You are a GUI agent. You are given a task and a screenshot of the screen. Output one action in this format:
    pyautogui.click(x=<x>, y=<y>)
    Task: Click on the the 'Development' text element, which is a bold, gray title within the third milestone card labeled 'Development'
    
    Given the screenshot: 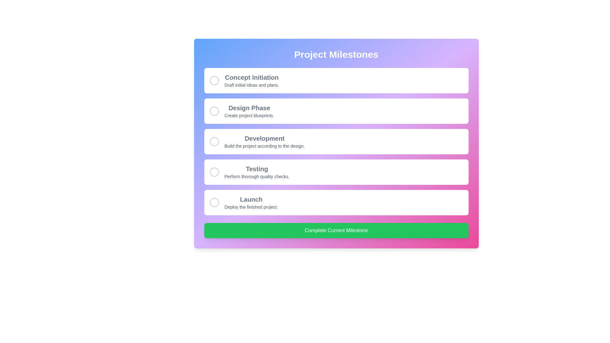 What is the action you would take?
    pyautogui.click(x=264, y=138)
    